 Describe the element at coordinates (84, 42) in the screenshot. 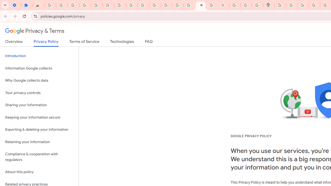

I see `'Terms of Service'` at that location.